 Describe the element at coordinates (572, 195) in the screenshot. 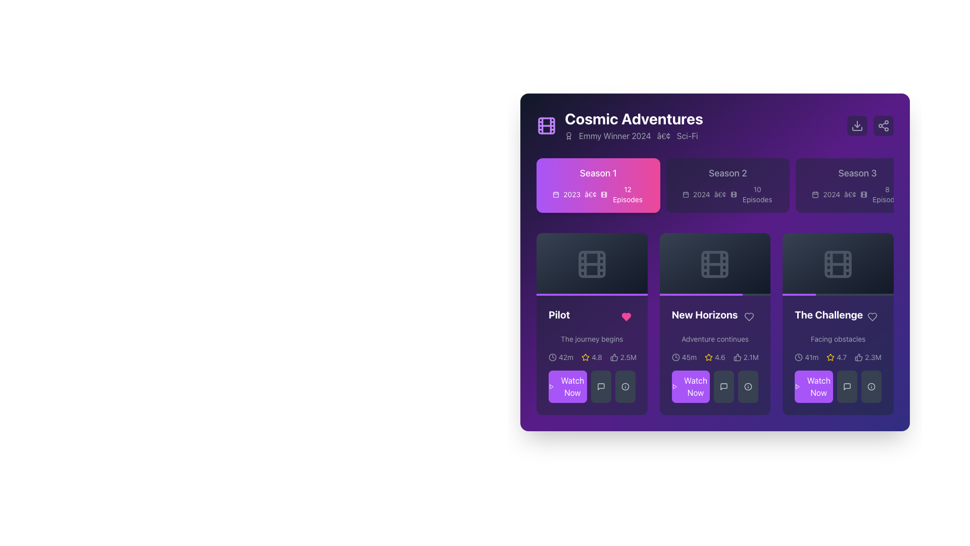

I see `text displayed in the Text Display element that shows the release year associated with the 'Season 1' label of 'Cosmic Adventures', located under the 'Season 1' section` at that location.